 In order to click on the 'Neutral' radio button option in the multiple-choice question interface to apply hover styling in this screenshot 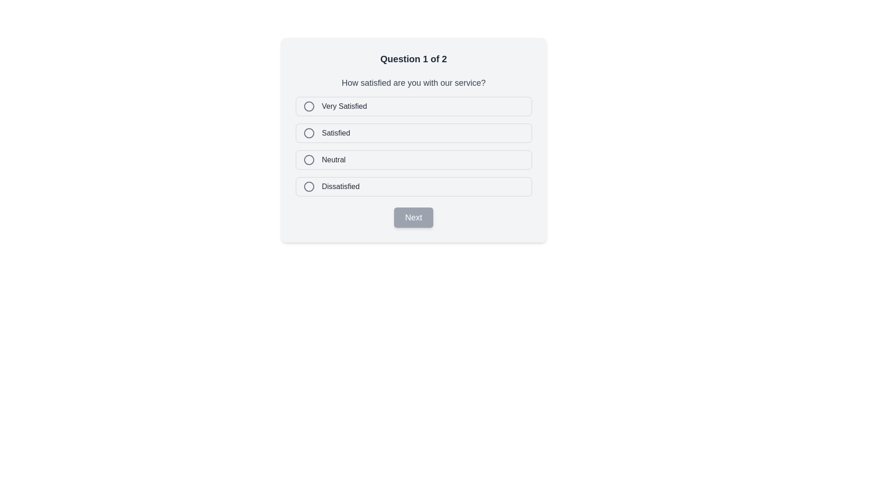, I will do `click(413, 160)`.